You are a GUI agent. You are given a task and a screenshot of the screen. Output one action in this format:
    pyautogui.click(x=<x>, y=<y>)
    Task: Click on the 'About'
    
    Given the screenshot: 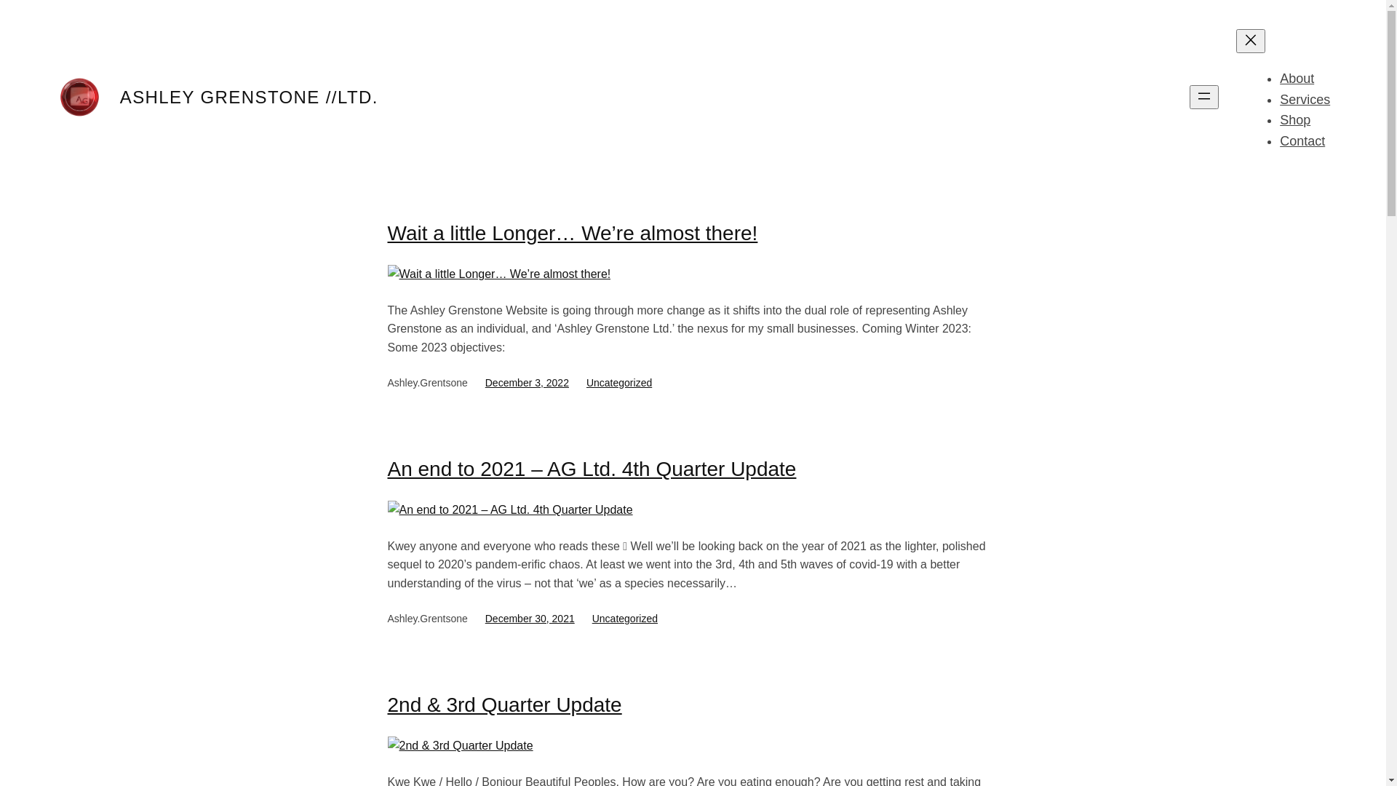 What is the action you would take?
    pyautogui.click(x=1297, y=79)
    